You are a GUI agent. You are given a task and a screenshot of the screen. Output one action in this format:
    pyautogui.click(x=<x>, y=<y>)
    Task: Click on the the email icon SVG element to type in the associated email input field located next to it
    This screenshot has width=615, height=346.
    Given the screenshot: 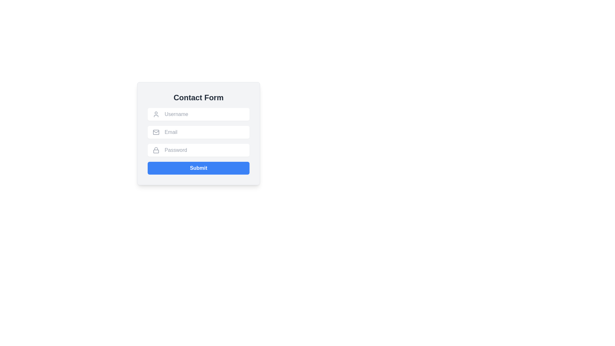 What is the action you would take?
    pyautogui.click(x=156, y=131)
    